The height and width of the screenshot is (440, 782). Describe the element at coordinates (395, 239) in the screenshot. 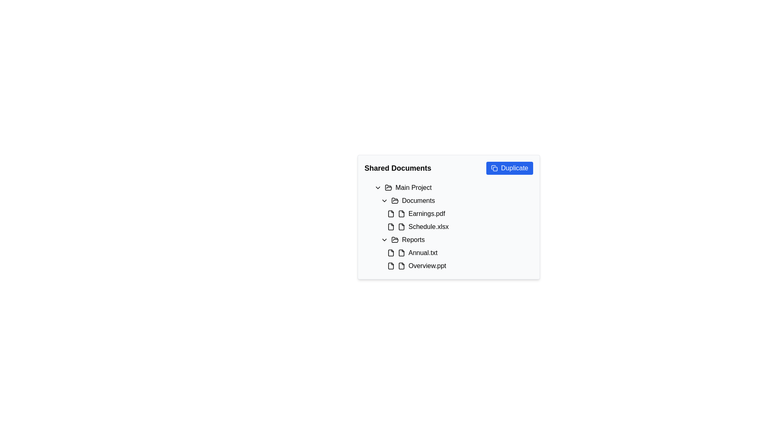

I see `the 'Reports' folder icon` at that location.